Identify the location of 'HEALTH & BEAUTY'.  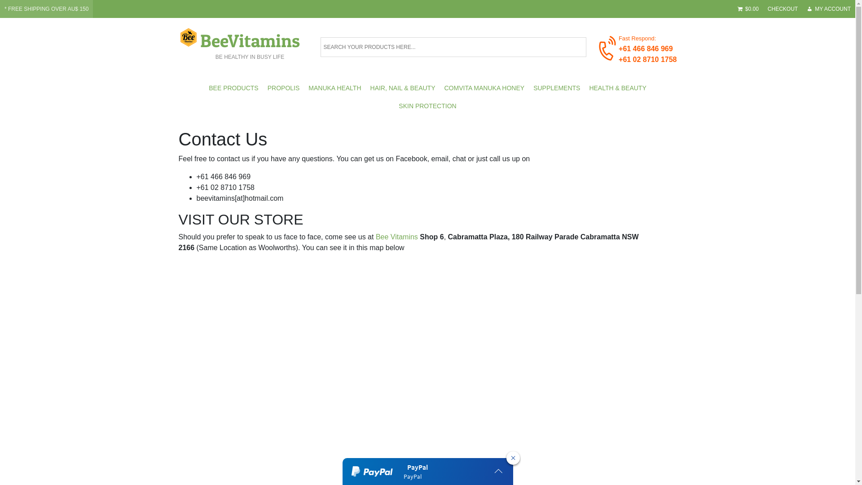
(617, 88).